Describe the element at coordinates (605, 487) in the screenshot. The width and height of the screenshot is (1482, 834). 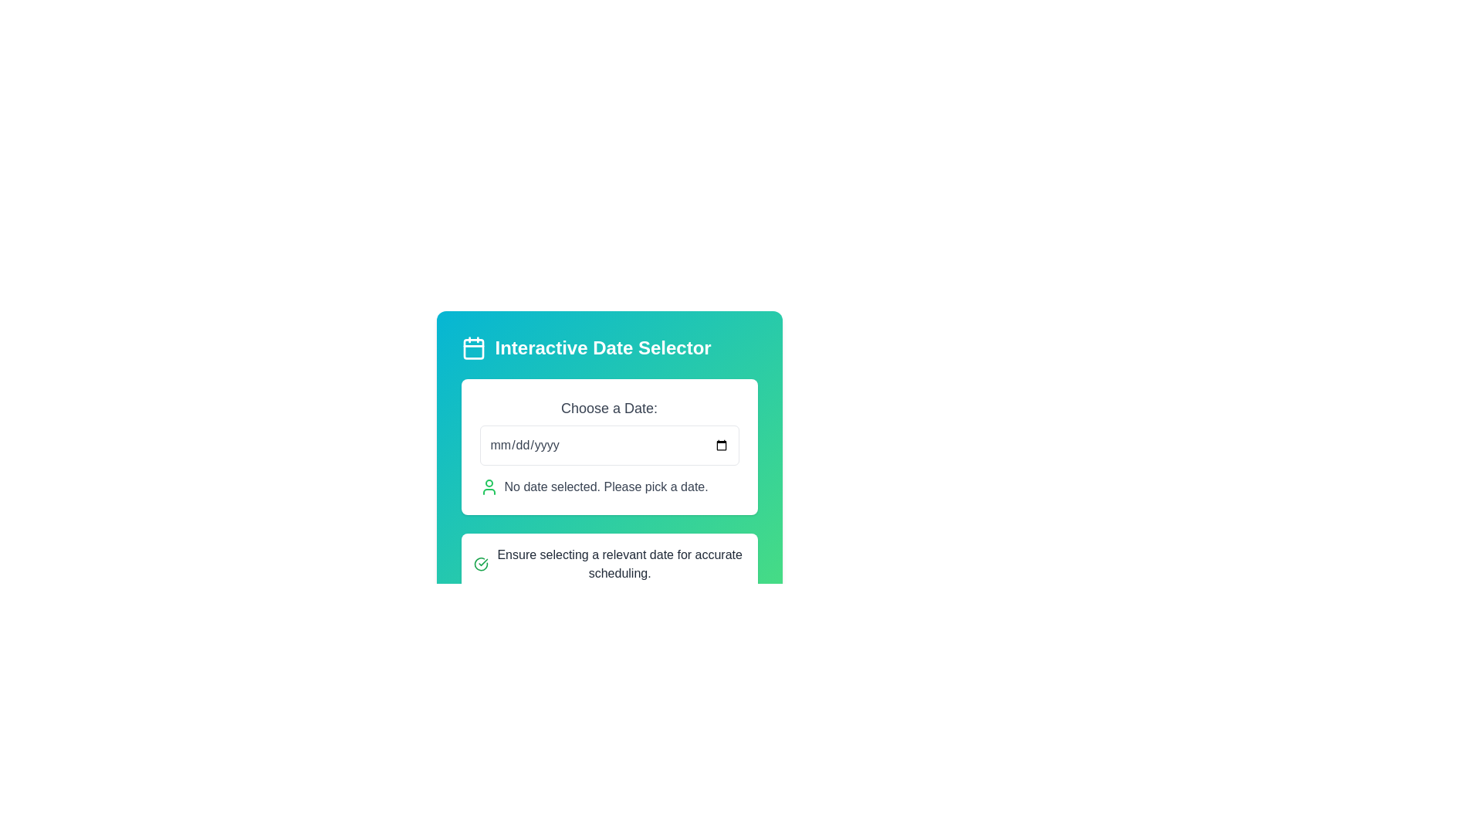
I see `the text label displaying 'No date selected. Please pick a date.' which is located beneath the 'Choose a Date:' input field and aligned beside a green person icon` at that location.